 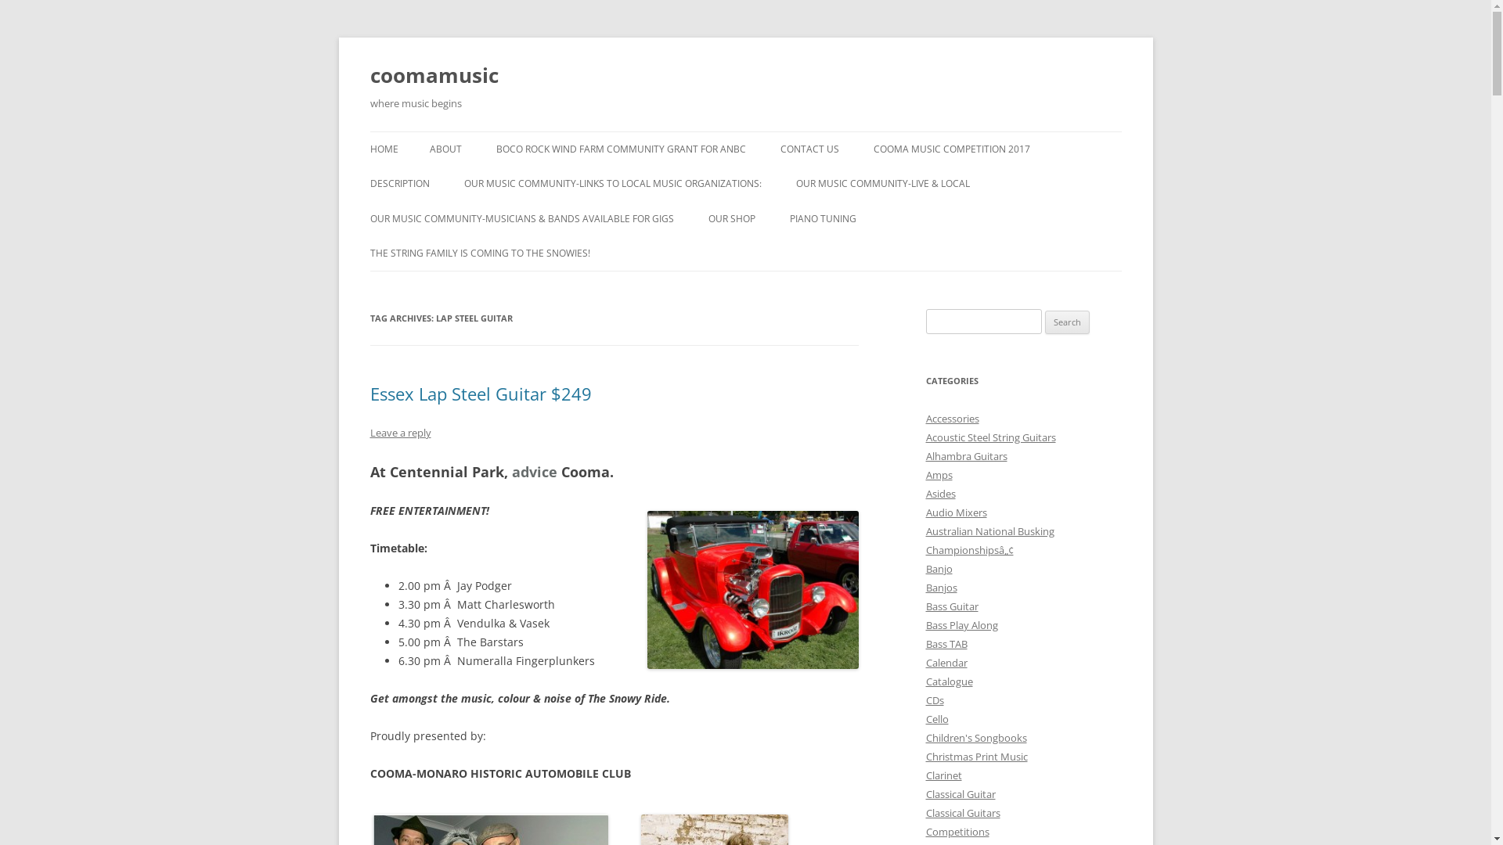 What do you see at coordinates (730, 219) in the screenshot?
I see `'OUR SHOP'` at bounding box center [730, 219].